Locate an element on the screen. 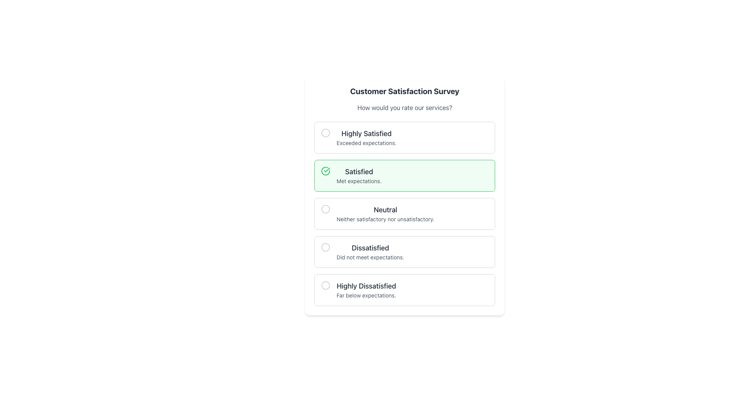 The height and width of the screenshot is (420, 748). the circular selection indicator for the 'Highly Satisfied' option in the survey interface is located at coordinates (325, 133).